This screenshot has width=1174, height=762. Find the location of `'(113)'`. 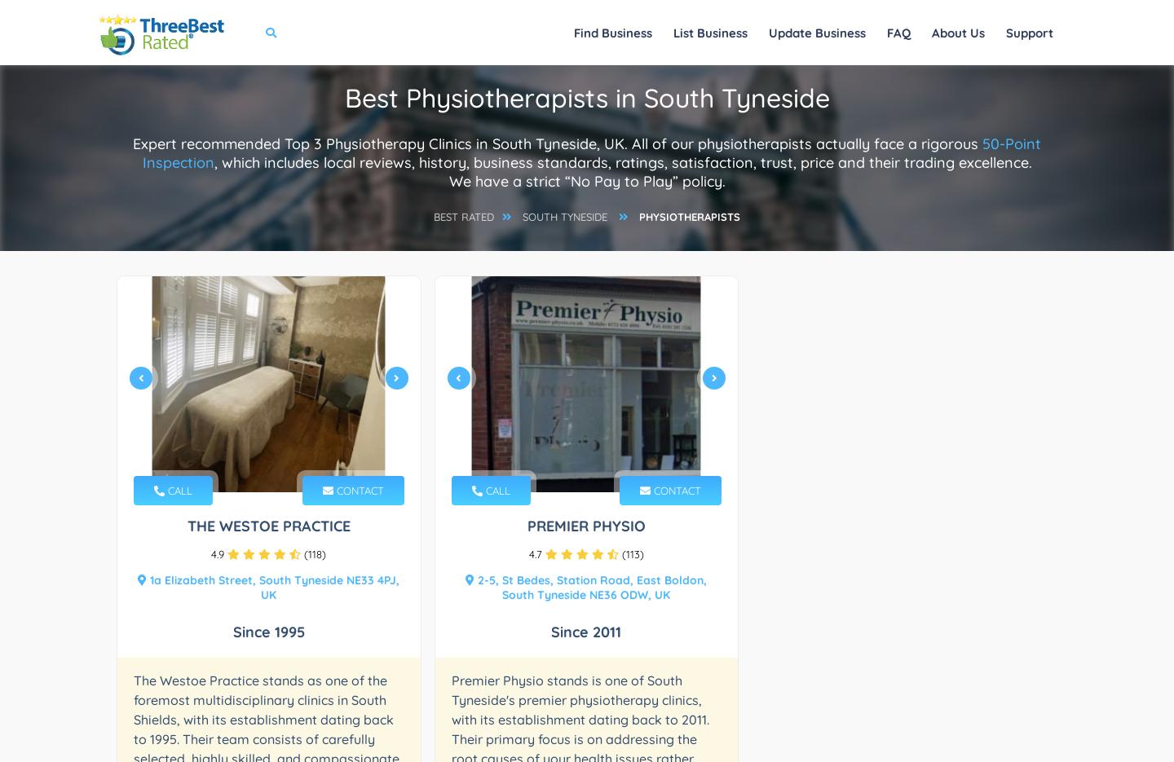

'(113)' is located at coordinates (617, 554).